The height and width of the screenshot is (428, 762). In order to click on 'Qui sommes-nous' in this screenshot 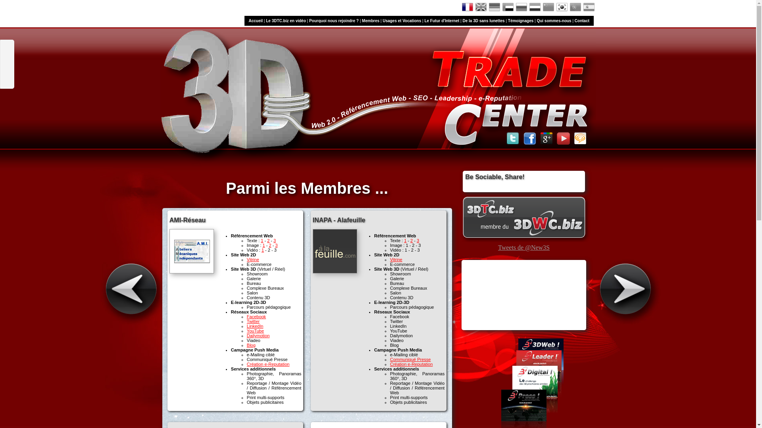, I will do `click(553, 20)`.